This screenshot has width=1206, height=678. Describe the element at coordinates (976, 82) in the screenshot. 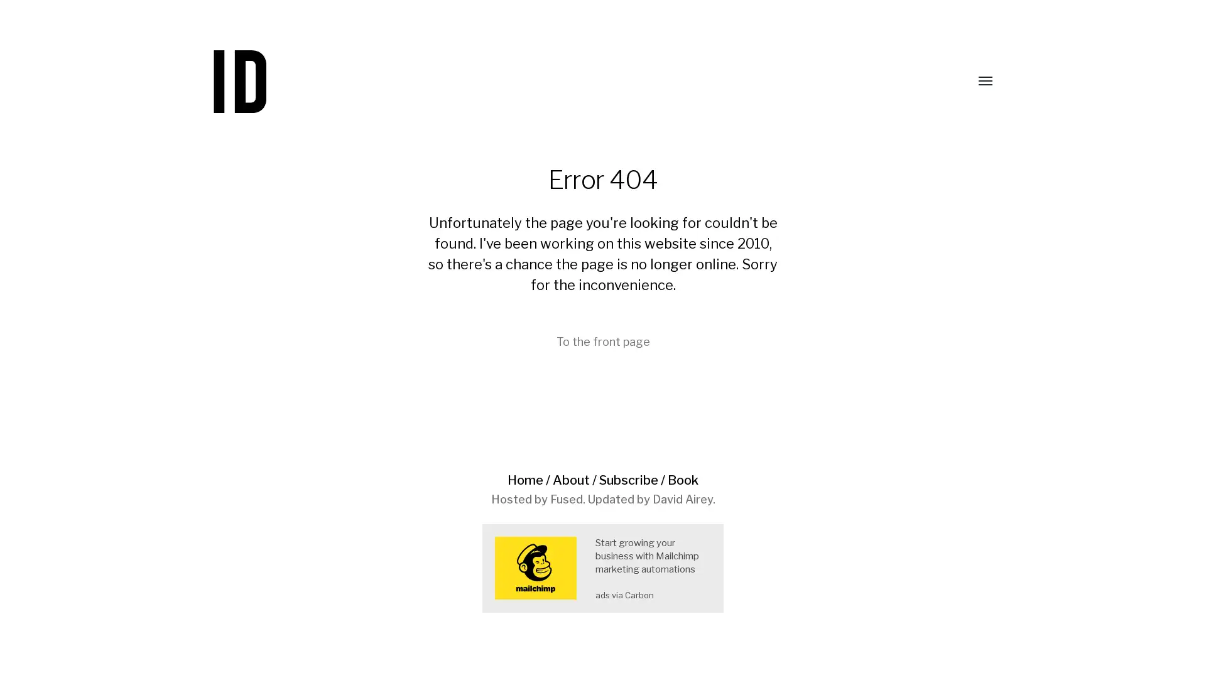

I see `Toggle menu` at that location.